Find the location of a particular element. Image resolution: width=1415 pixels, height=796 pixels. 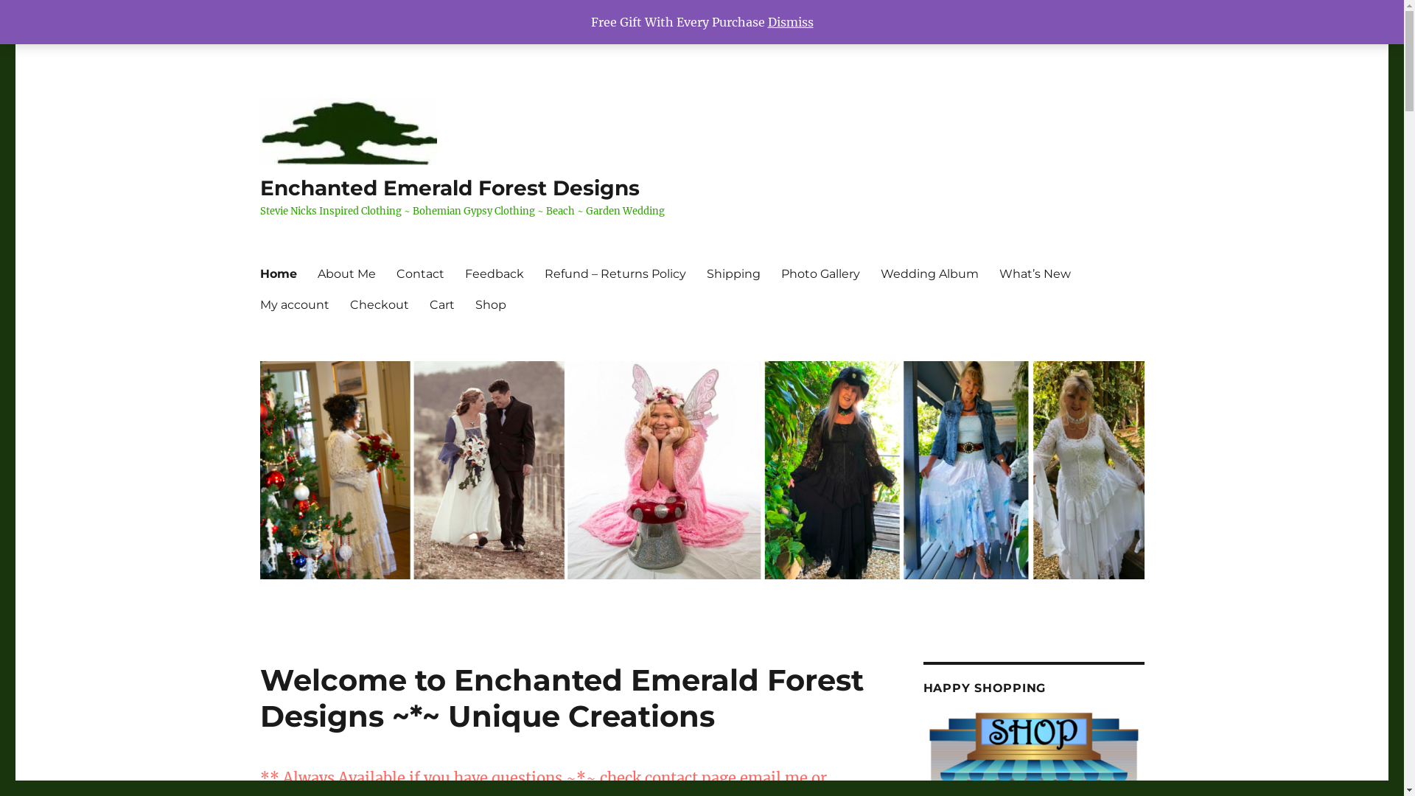

'Shop' is located at coordinates (490, 303).